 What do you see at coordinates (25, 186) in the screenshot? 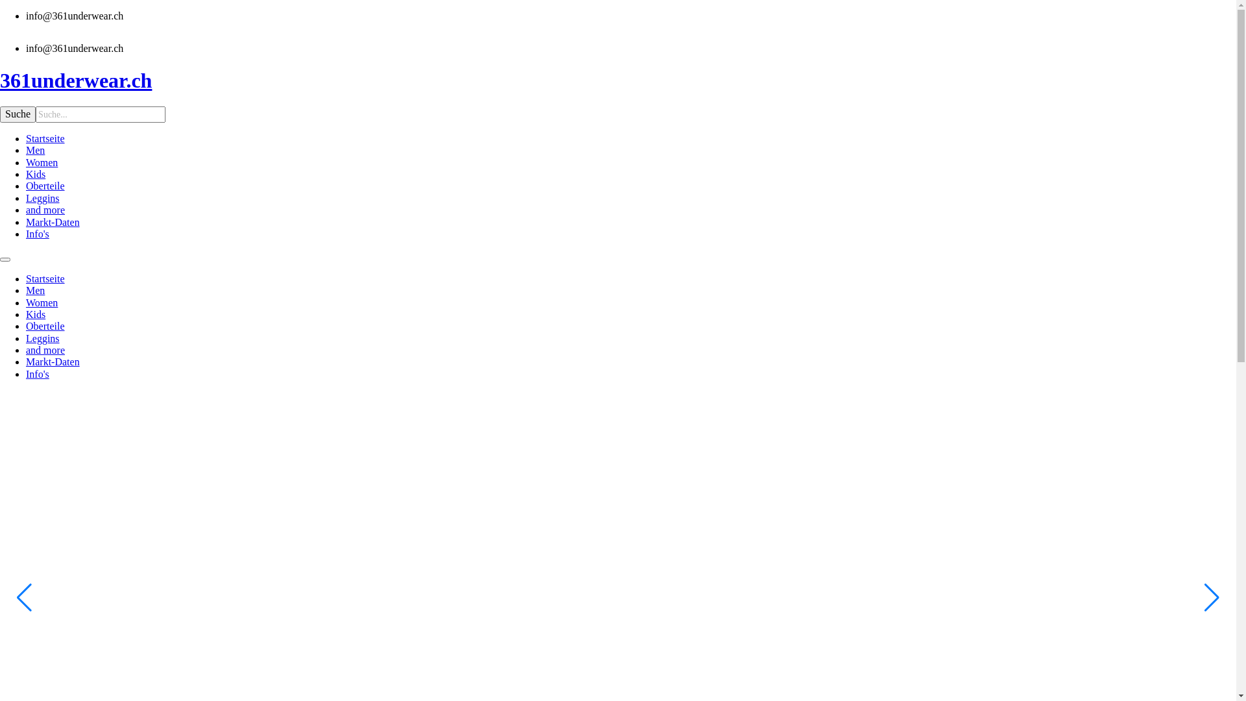
I see `'Oberteile'` at bounding box center [25, 186].